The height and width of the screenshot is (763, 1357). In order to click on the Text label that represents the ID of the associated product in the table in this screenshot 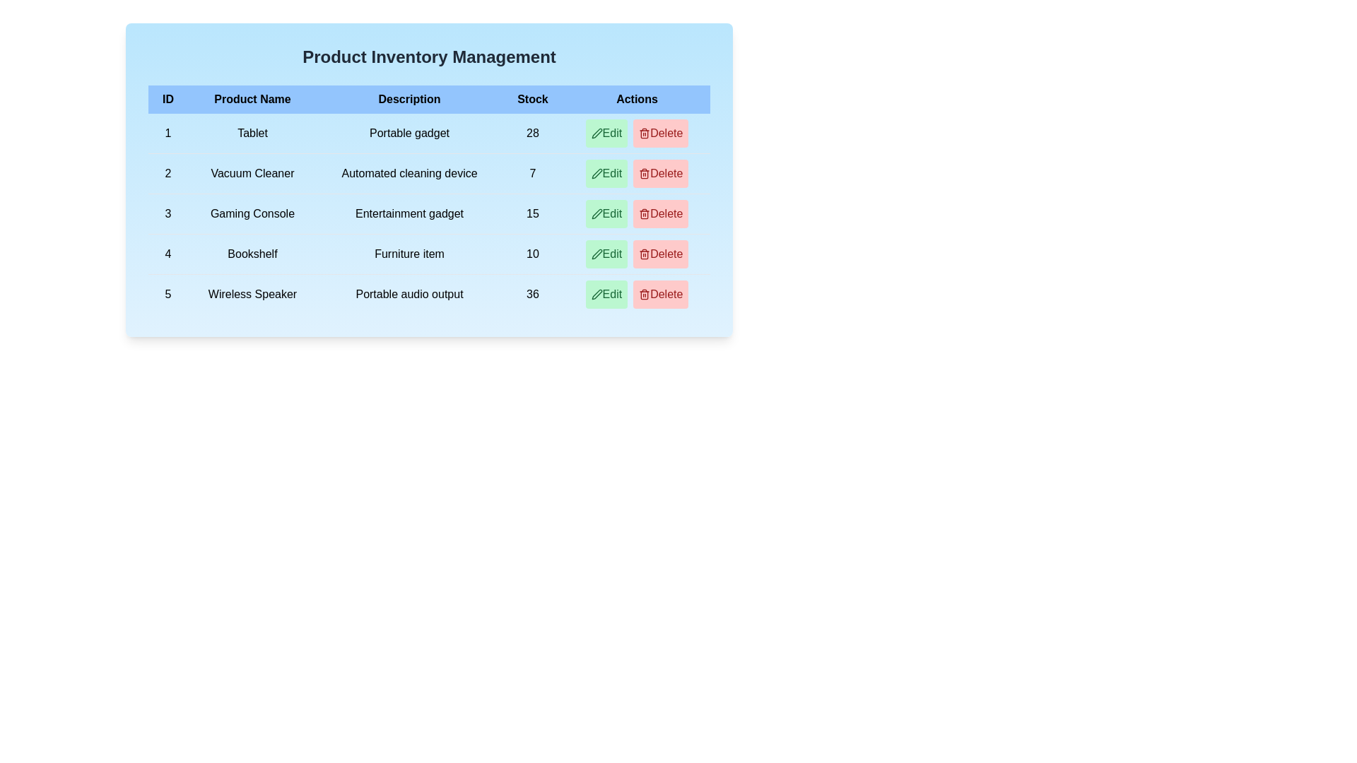, I will do `click(168, 173)`.